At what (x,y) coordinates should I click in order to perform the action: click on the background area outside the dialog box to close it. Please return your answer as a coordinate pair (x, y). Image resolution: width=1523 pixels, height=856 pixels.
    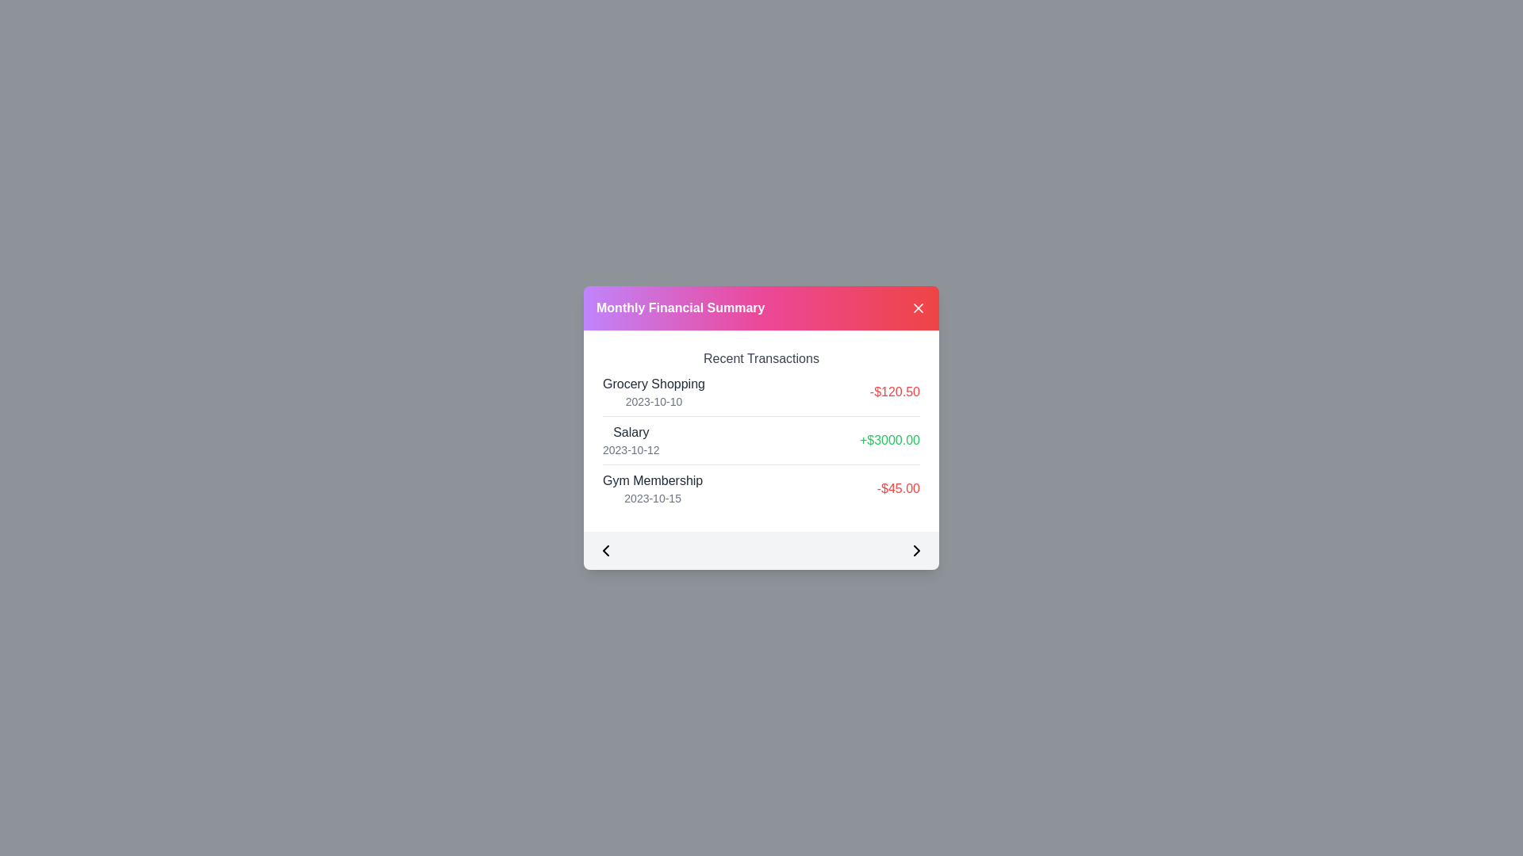
    Looking at the image, I should click on (79, 79).